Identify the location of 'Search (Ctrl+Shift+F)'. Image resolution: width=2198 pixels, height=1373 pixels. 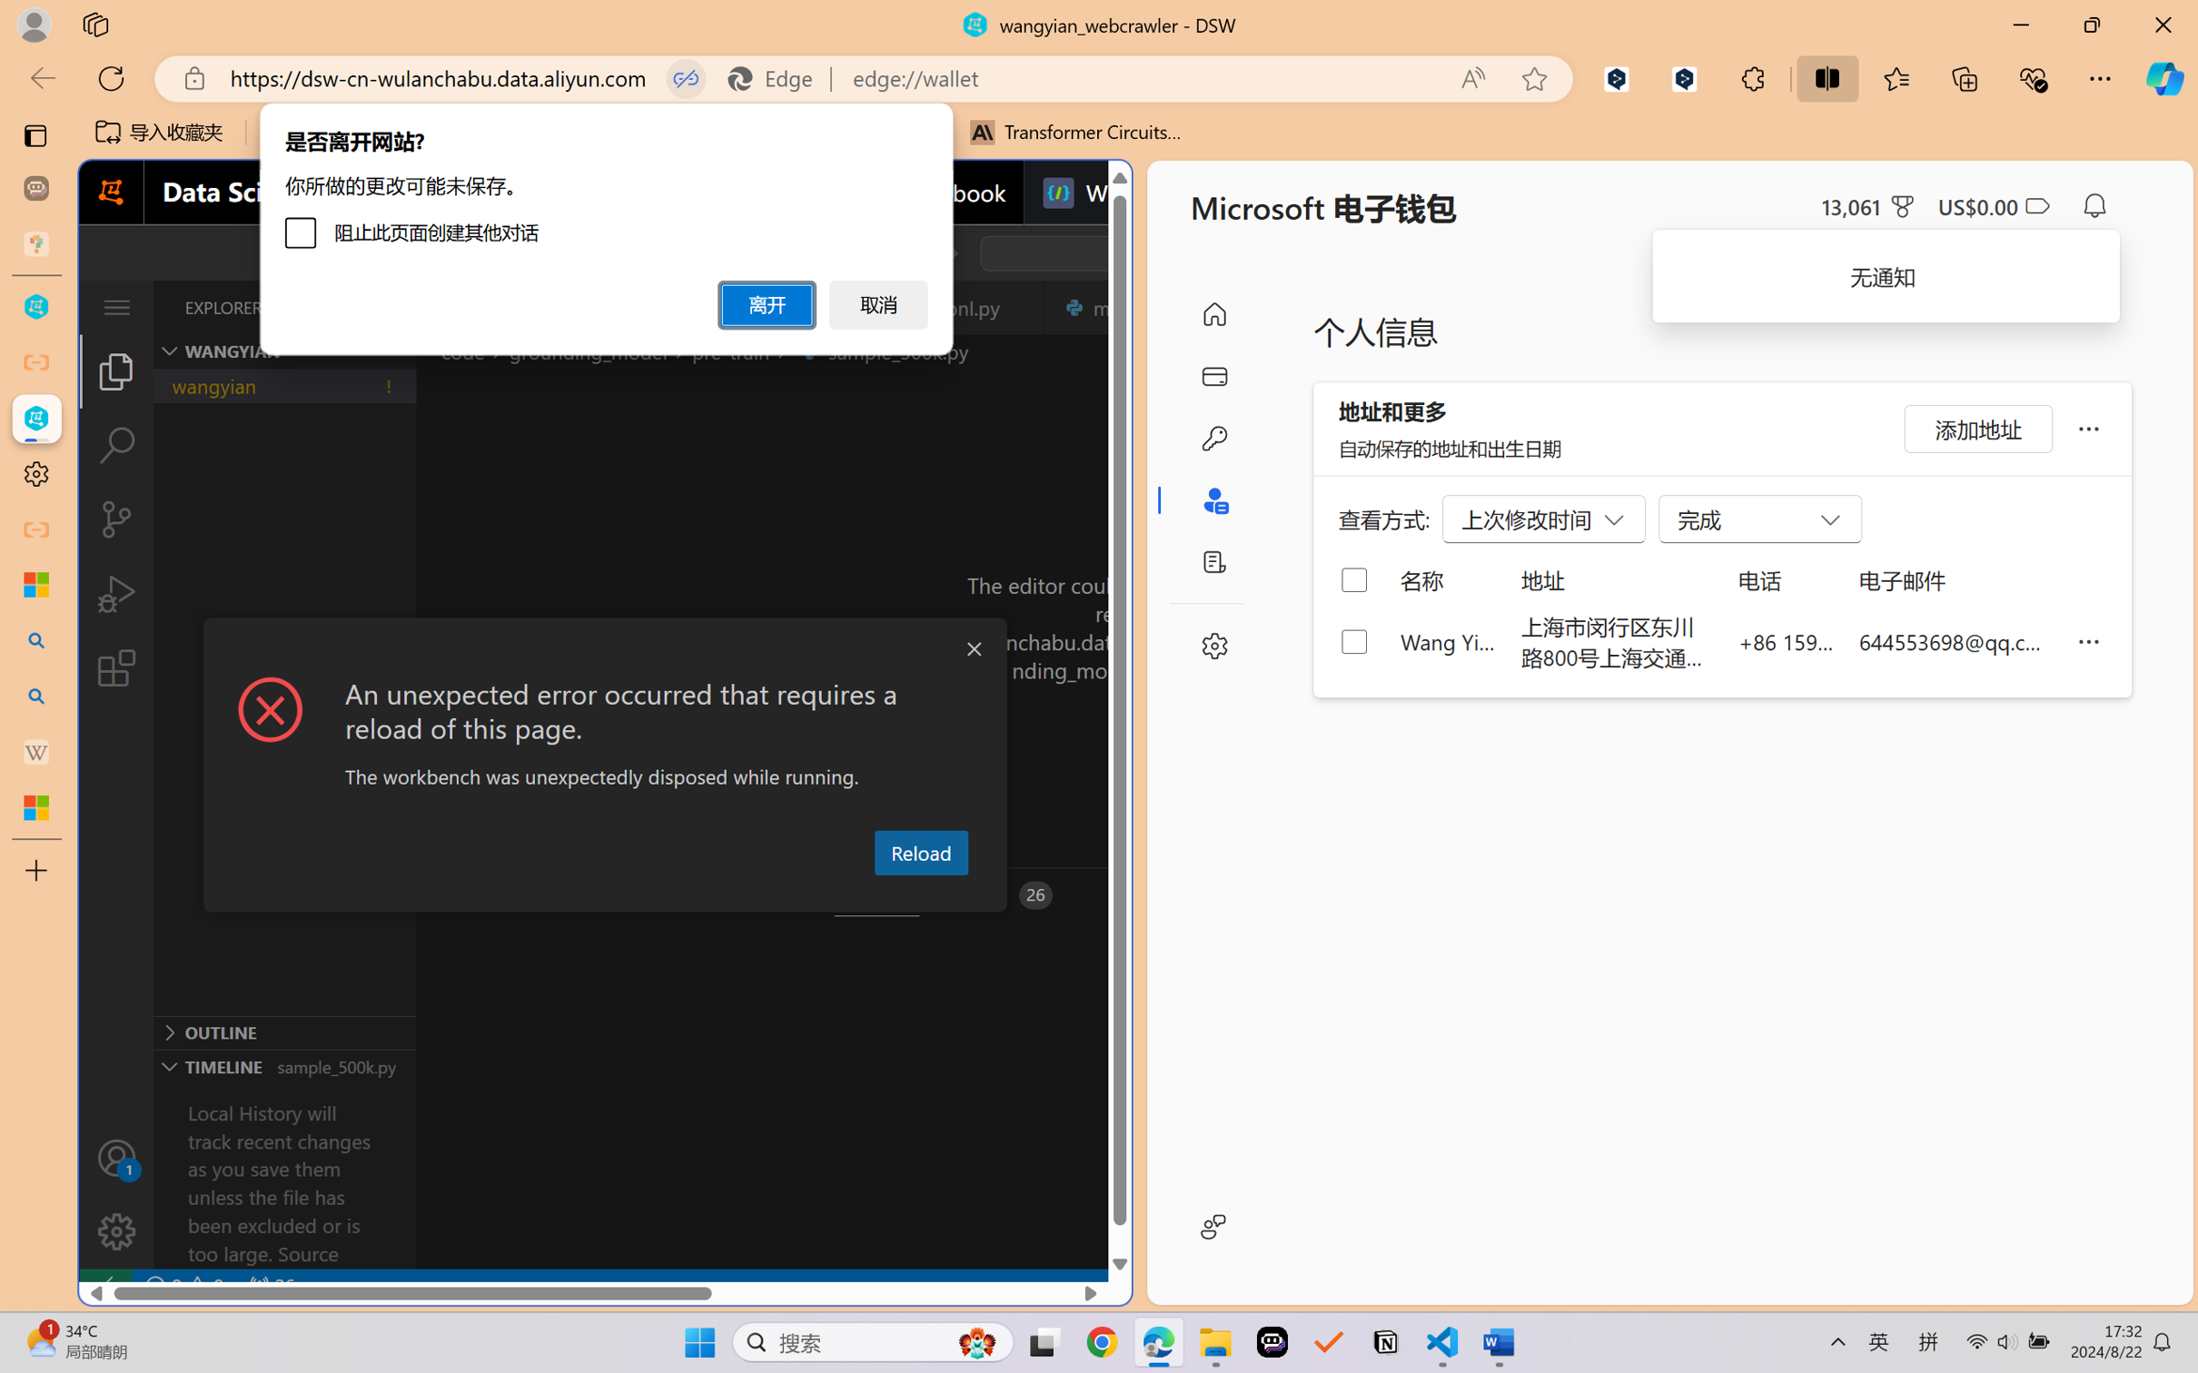
(115, 445).